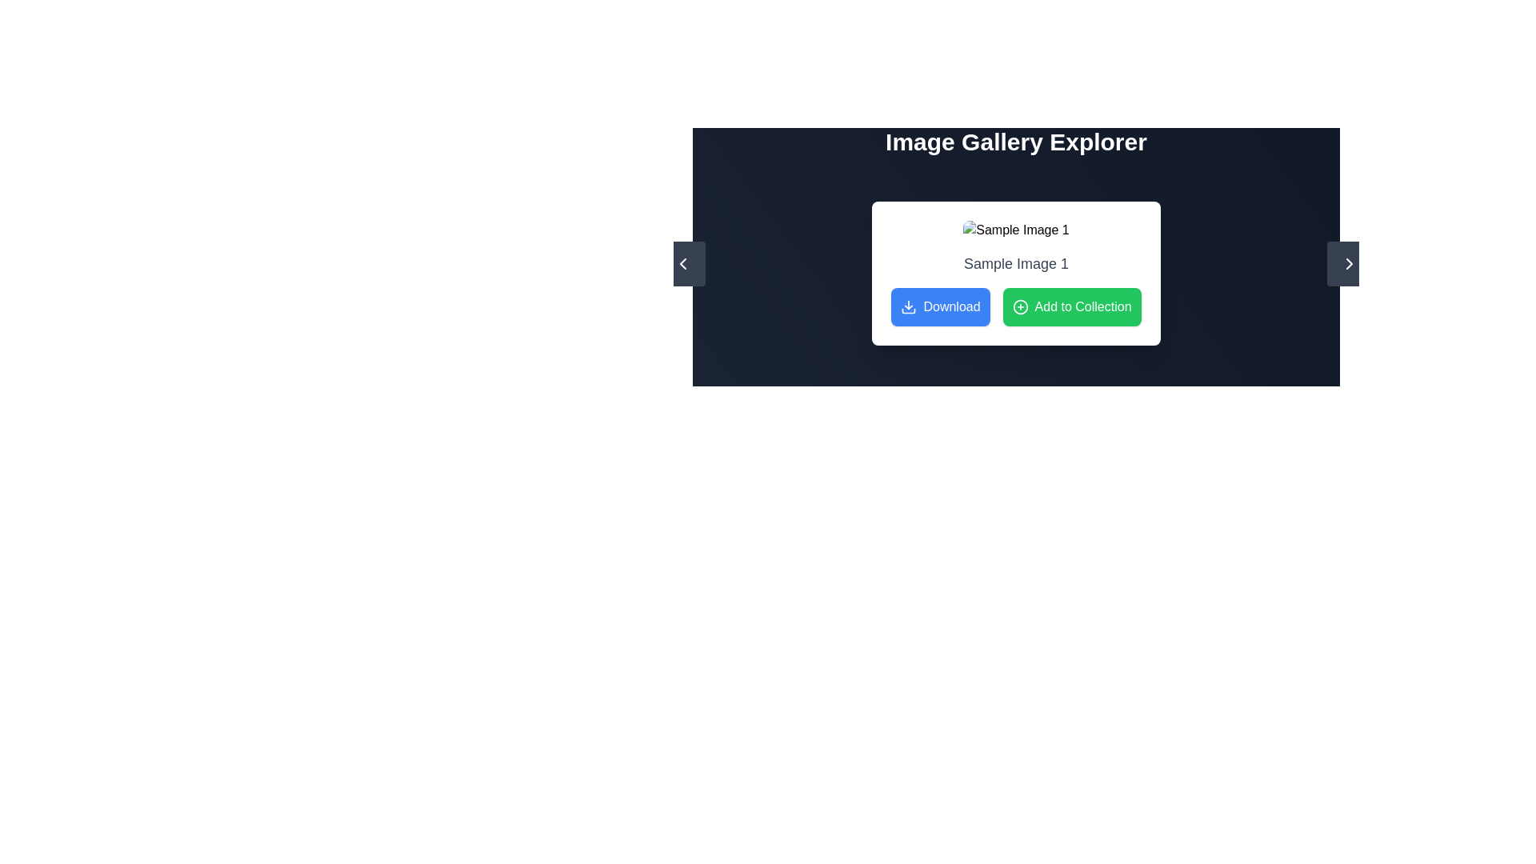  What do you see at coordinates (909, 307) in the screenshot?
I see `the 'Download' button that contains a download icon styled with a downward arrow and a blue background` at bounding box center [909, 307].